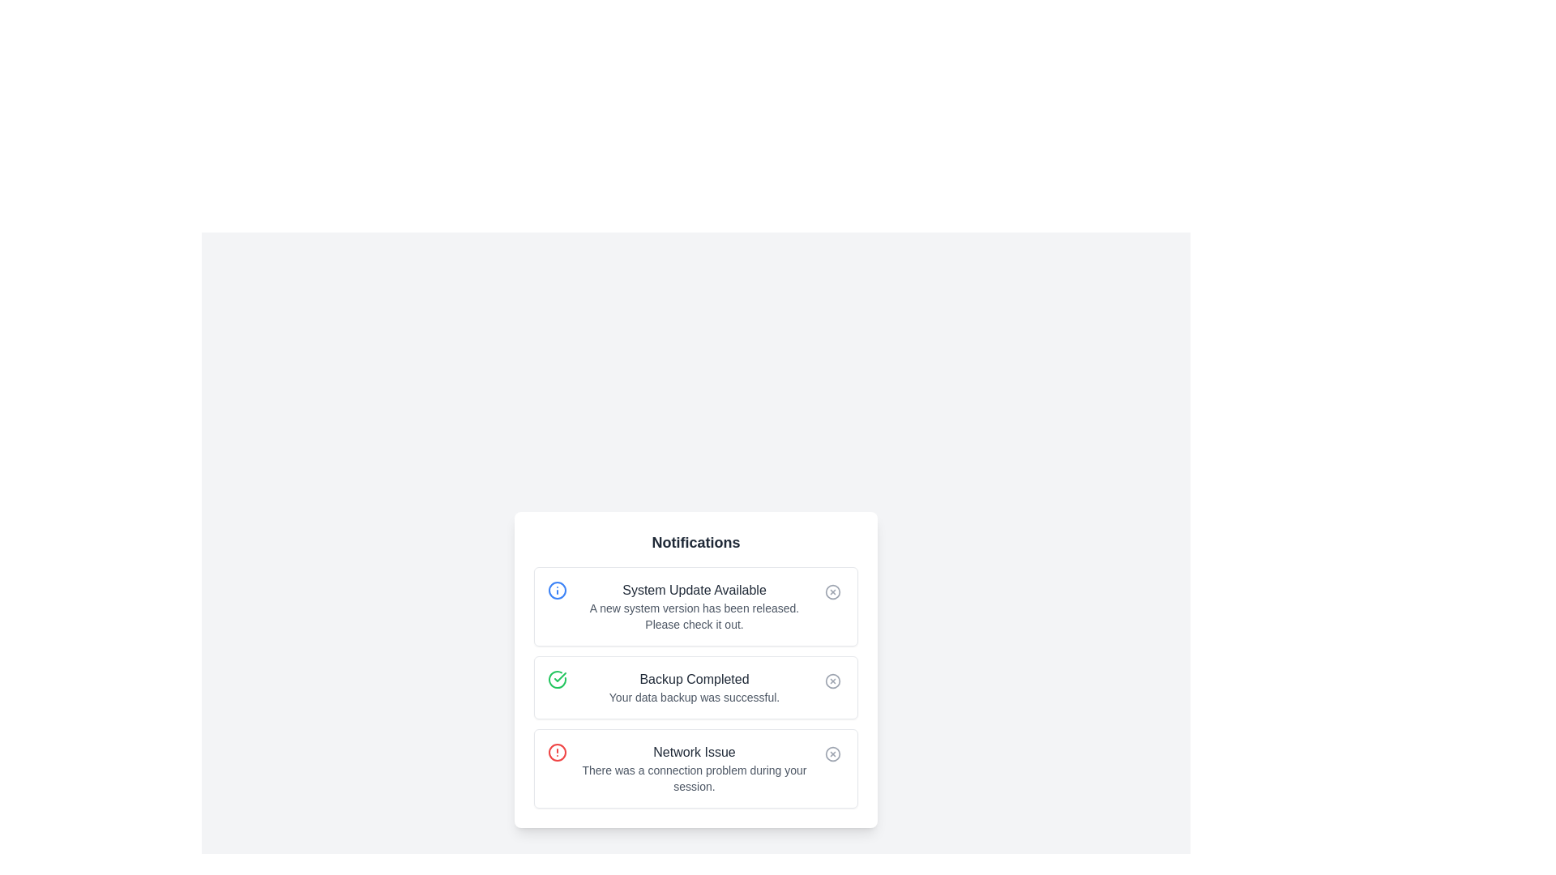 This screenshot has width=1556, height=875. I want to click on the text label that reads 'Network Issue', which is styled in a medium-weight font and is the main title of the third notification entry in the list, so click(695, 753).